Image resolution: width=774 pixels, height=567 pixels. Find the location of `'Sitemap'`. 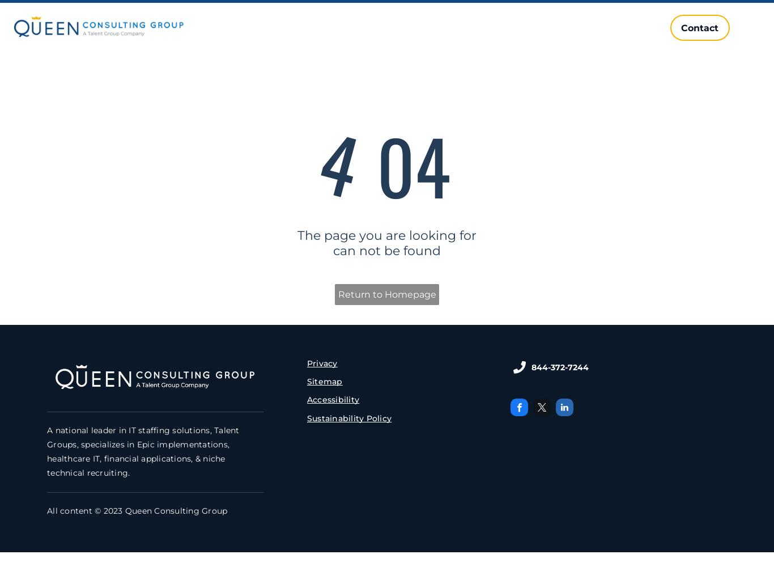

'Sitemap' is located at coordinates (306, 382).